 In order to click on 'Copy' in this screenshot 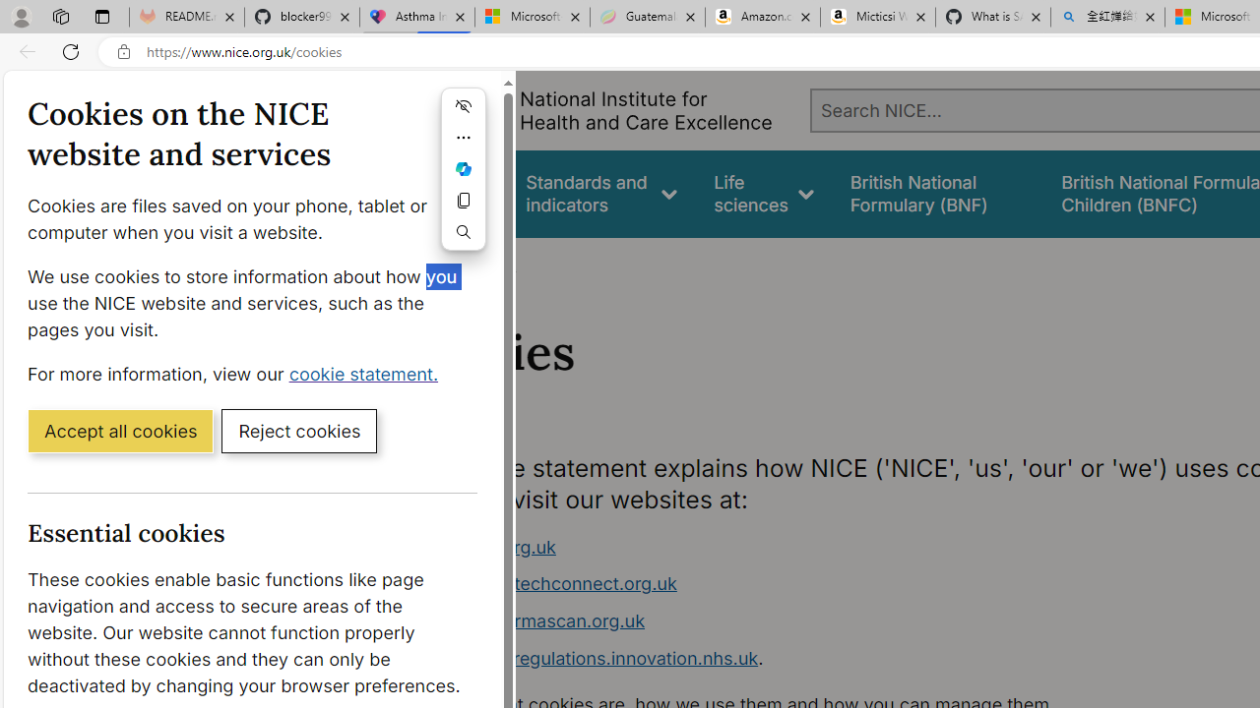, I will do `click(463, 201)`.